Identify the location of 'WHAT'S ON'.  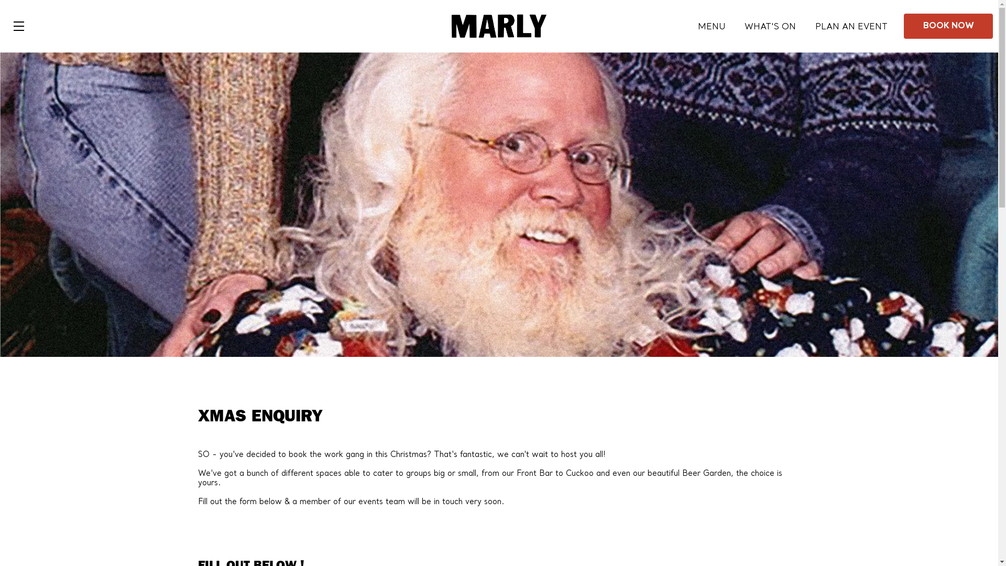
(743, 26).